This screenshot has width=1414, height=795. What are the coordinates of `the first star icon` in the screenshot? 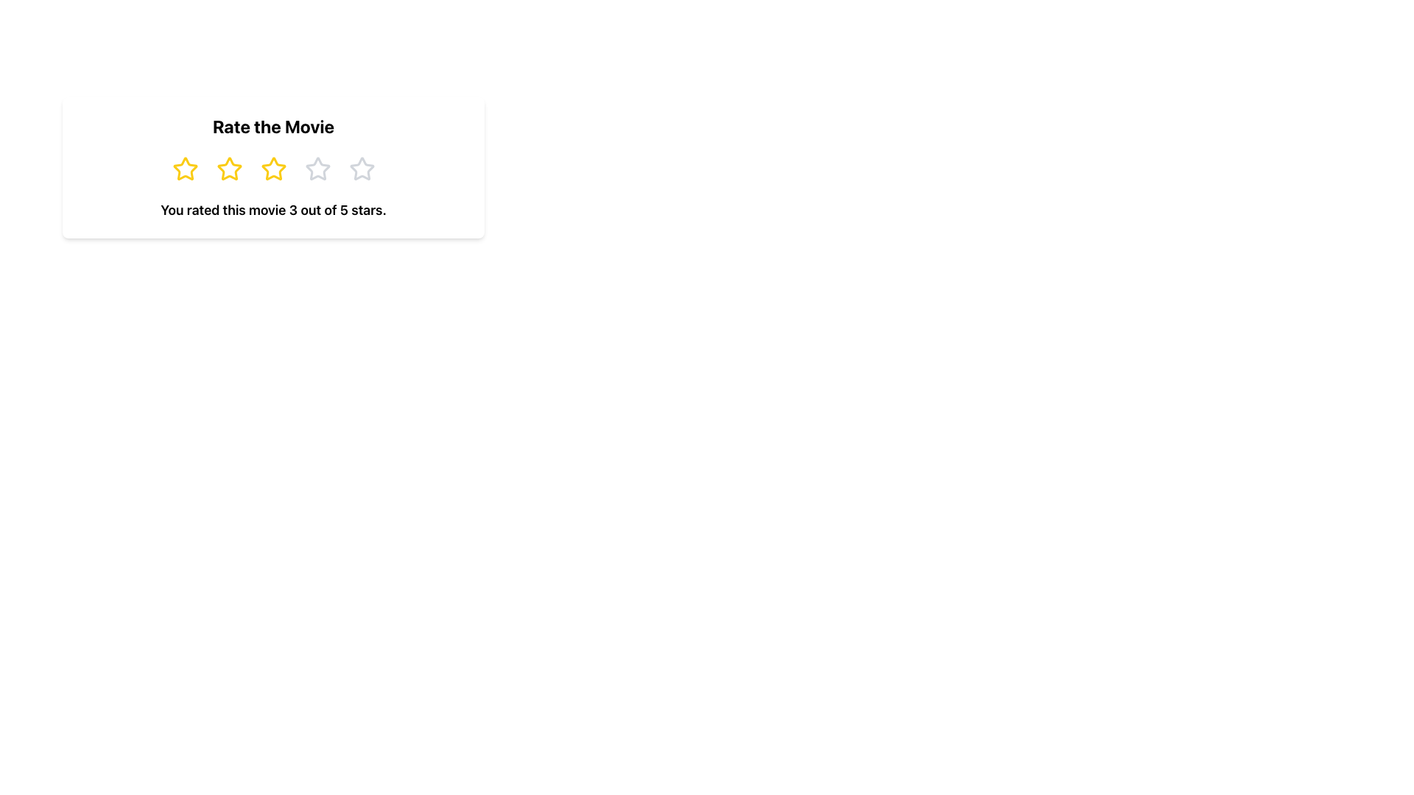 It's located at (184, 168).